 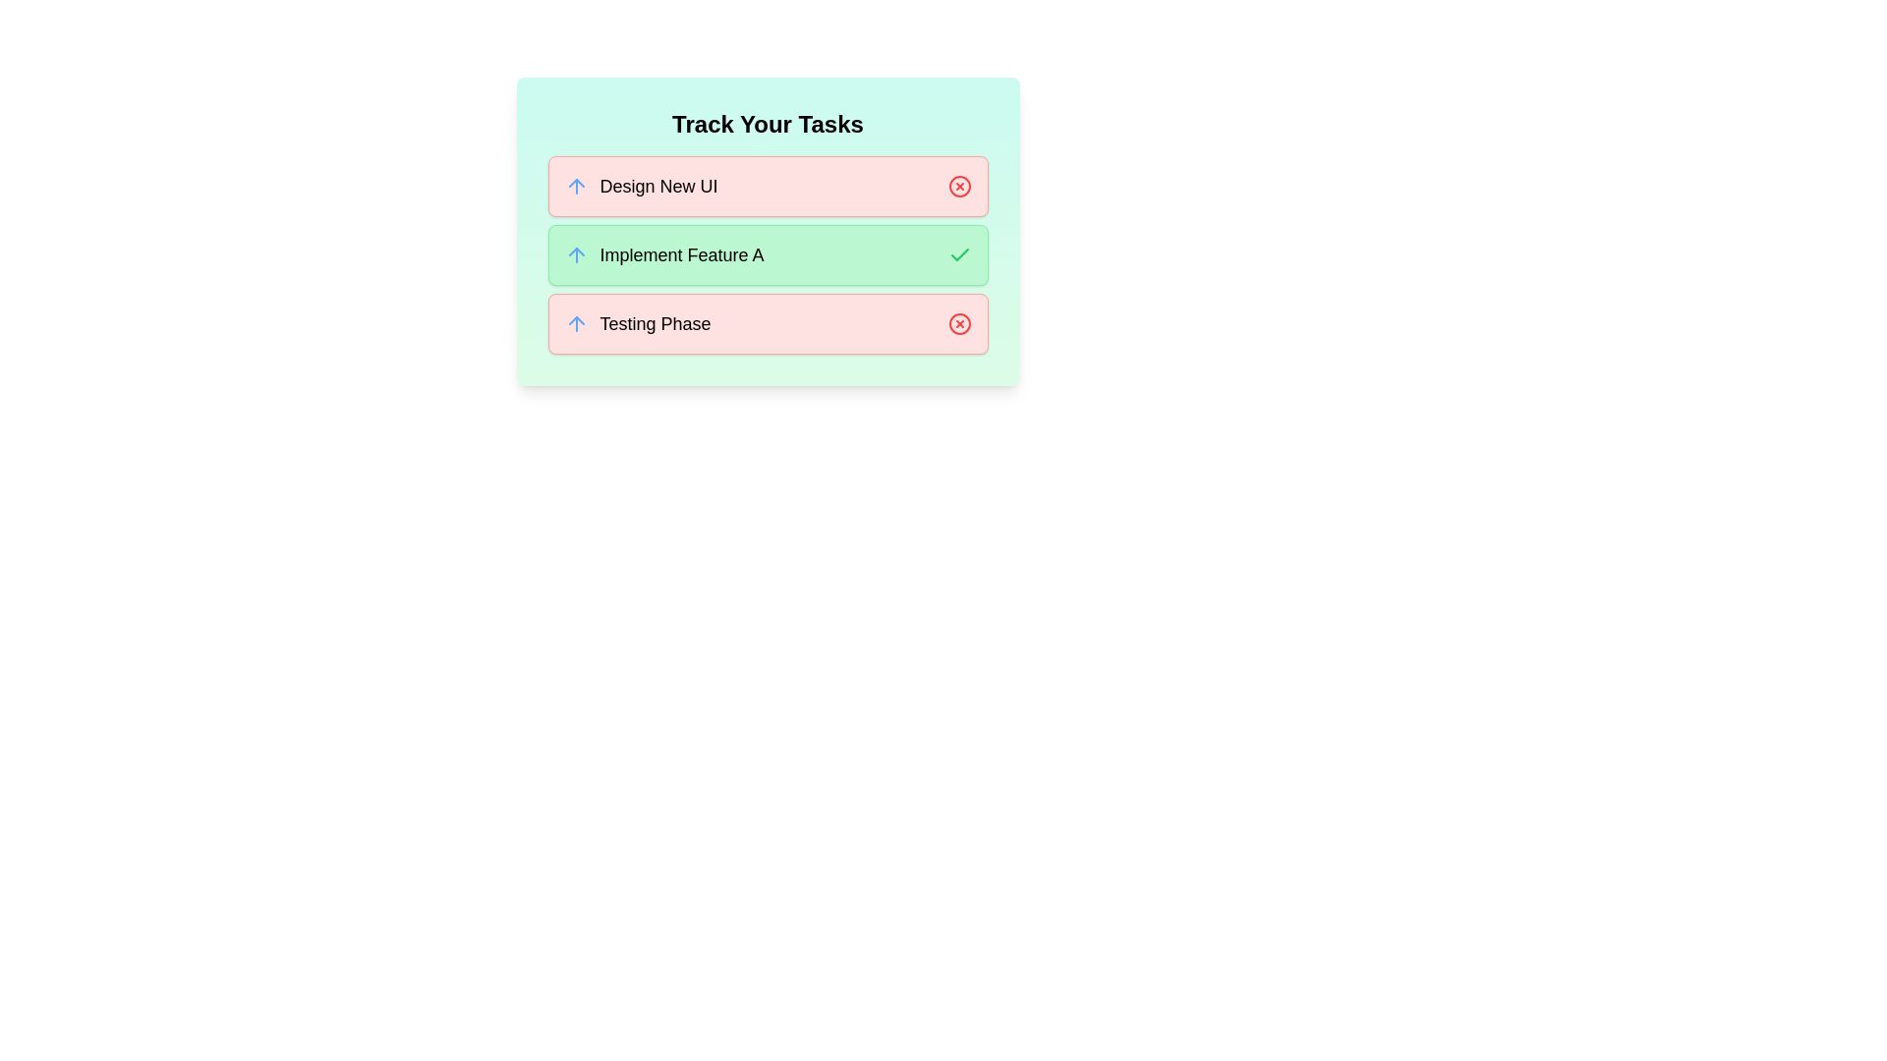 What do you see at coordinates (767, 186) in the screenshot?
I see `the task card corresponding to Design New UI to toggle its completion status` at bounding box center [767, 186].